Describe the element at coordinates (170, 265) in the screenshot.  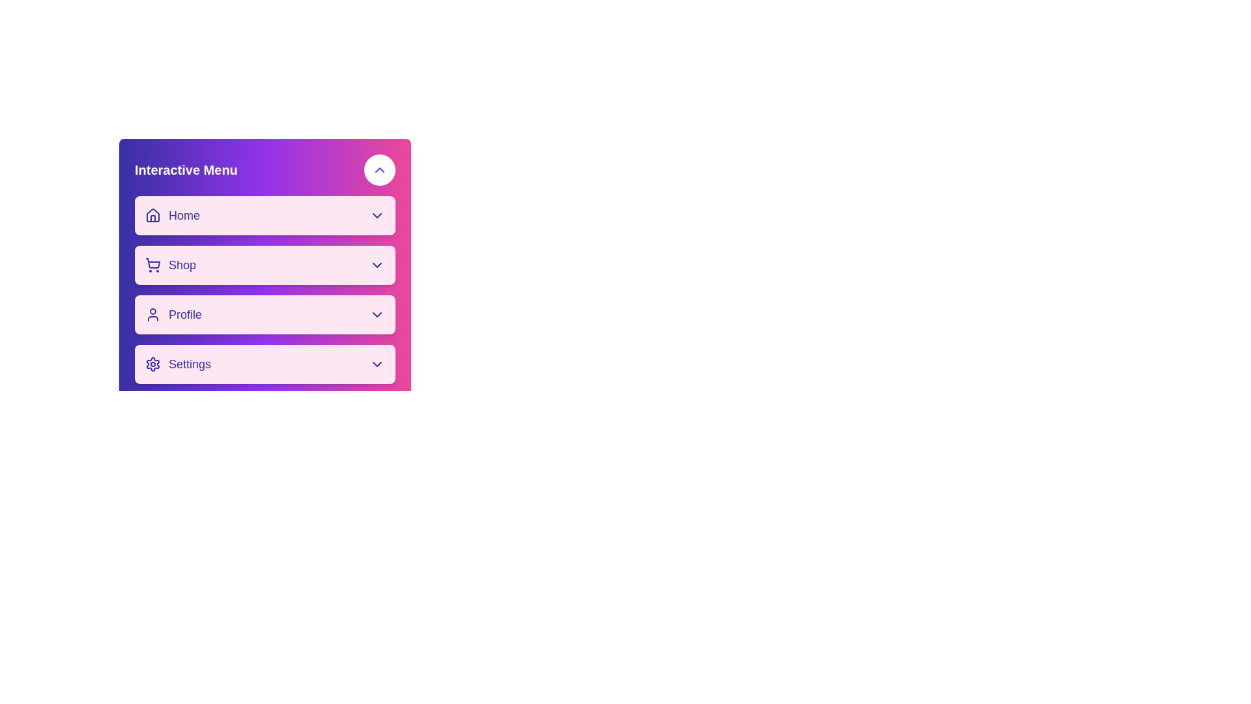
I see `the second menu item in the vertical list, located below 'Home' and above 'Profile'` at that location.